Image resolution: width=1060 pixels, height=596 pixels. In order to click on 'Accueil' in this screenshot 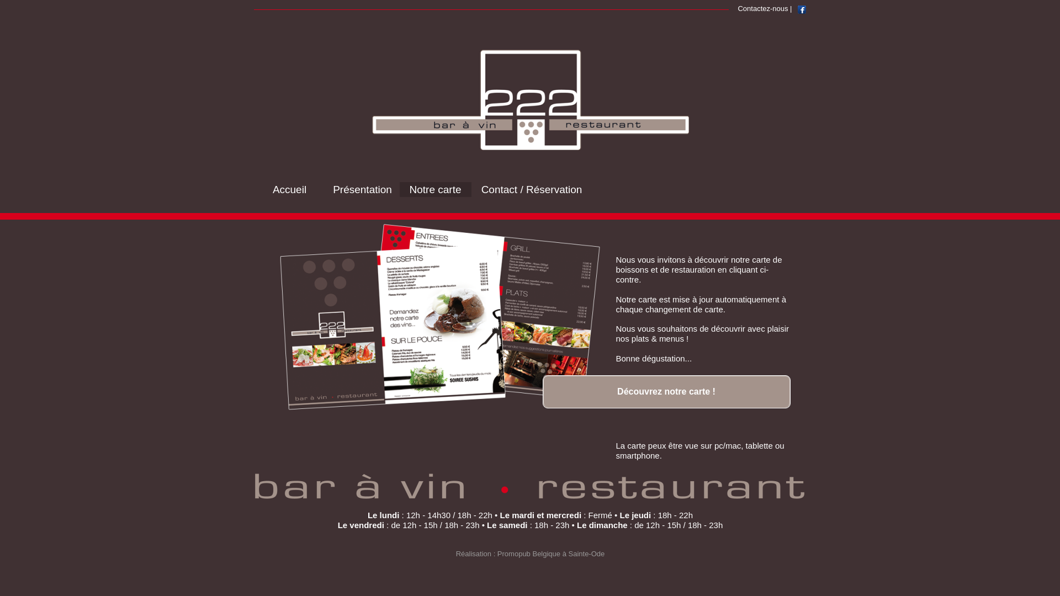, I will do `click(289, 189)`.